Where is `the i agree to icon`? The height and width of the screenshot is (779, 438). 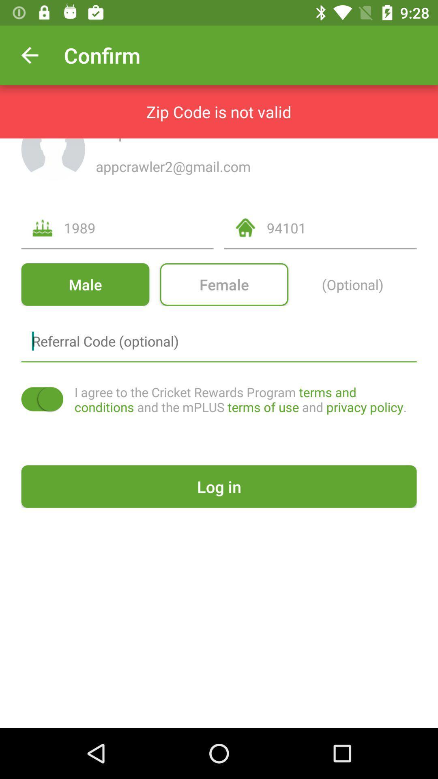 the i agree to icon is located at coordinates (245, 399).